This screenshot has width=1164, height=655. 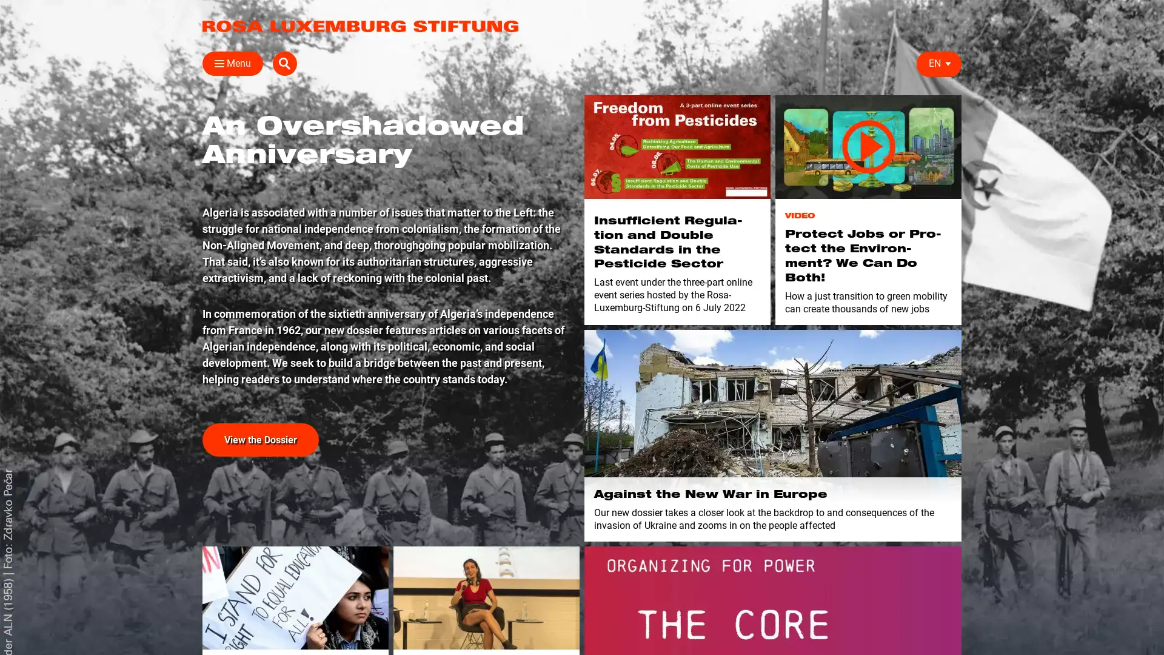 What do you see at coordinates (197, 239) in the screenshot?
I see `Show more / less` at bounding box center [197, 239].